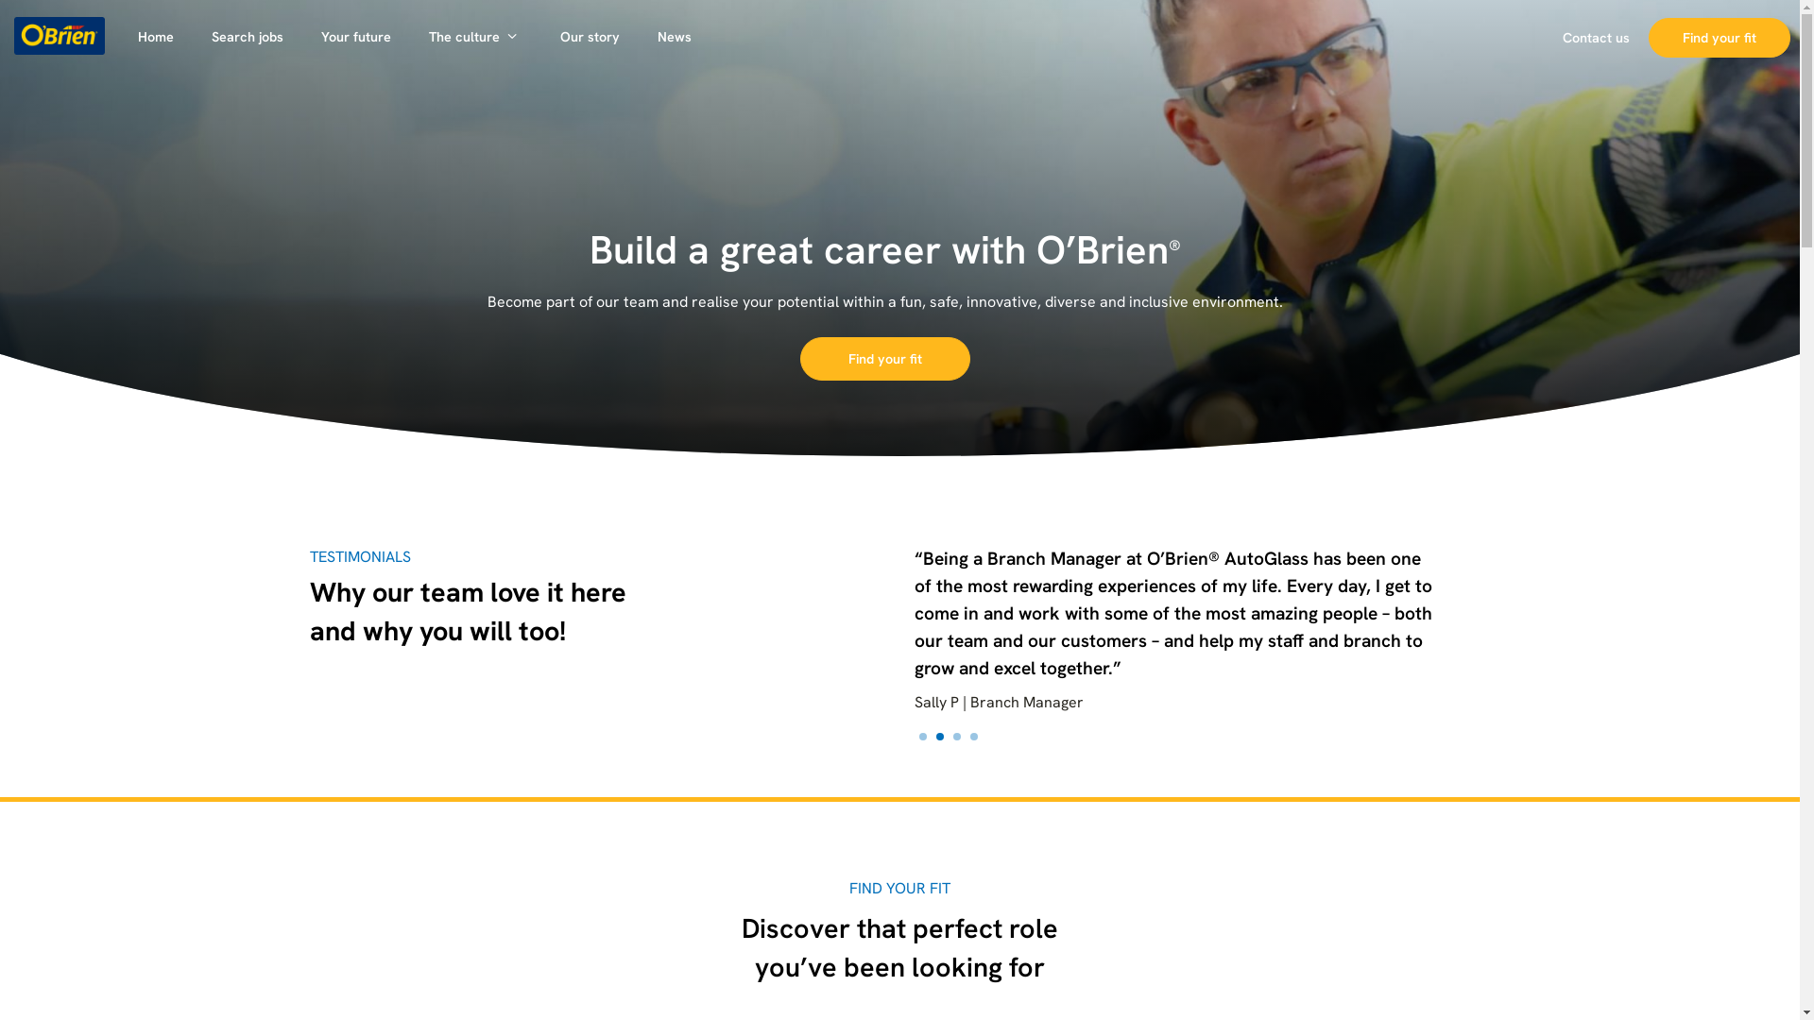 The image size is (1814, 1020). Describe the element at coordinates (356, 37) in the screenshot. I see `'Your future'` at that location.